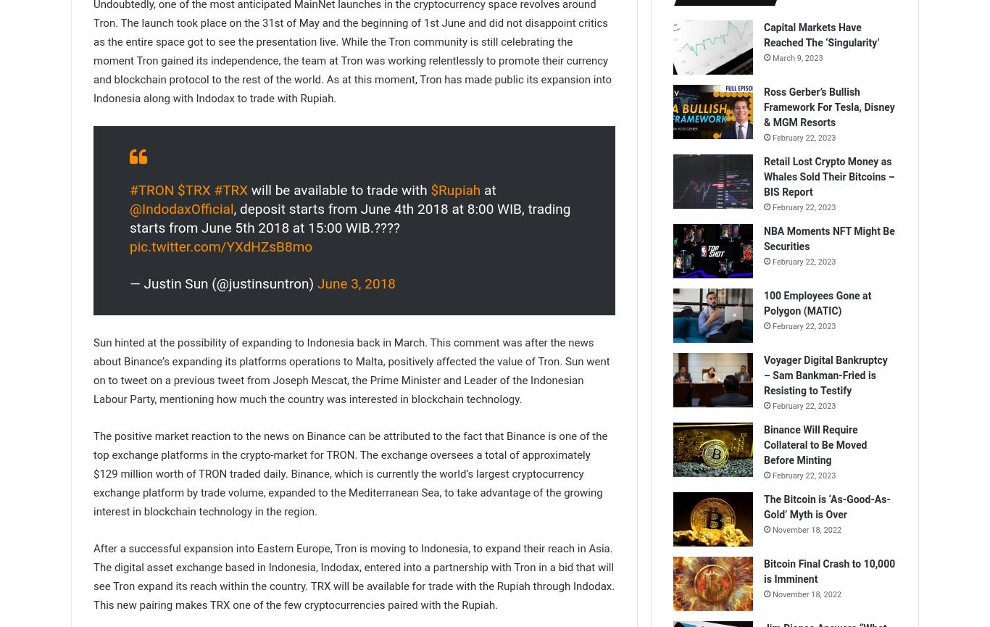 Image resolution: width=990 pixels, height=627 pixels. What do you see at coordinates (487, 188) in the screenshot?
I see `'at'` at bounding box center [487, 188].